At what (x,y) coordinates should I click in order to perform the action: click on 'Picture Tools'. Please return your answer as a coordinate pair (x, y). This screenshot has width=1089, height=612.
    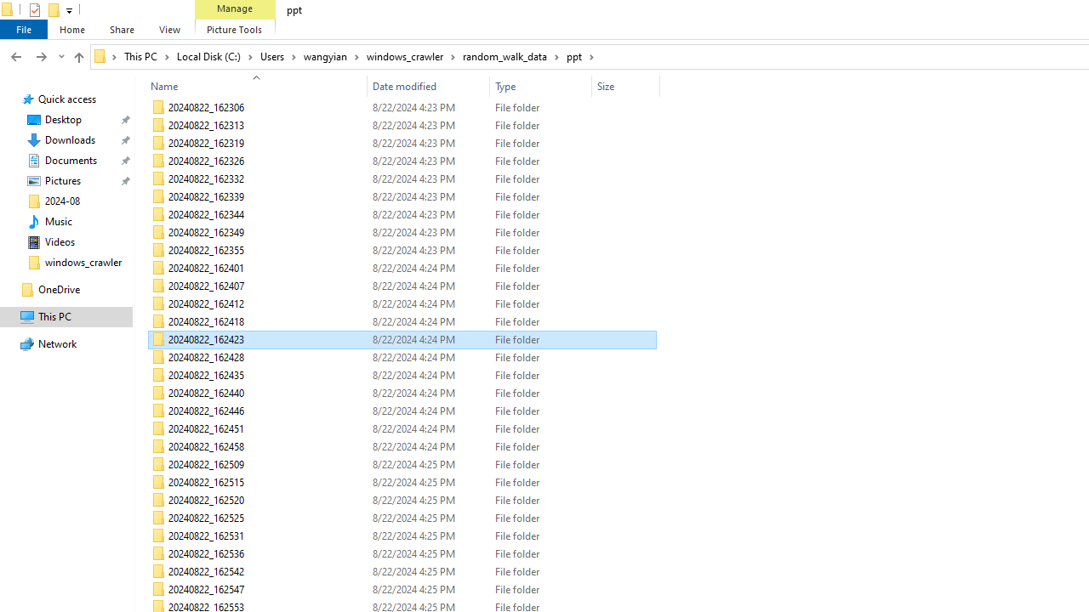
    Looking at the image, I should click on (233, 29).